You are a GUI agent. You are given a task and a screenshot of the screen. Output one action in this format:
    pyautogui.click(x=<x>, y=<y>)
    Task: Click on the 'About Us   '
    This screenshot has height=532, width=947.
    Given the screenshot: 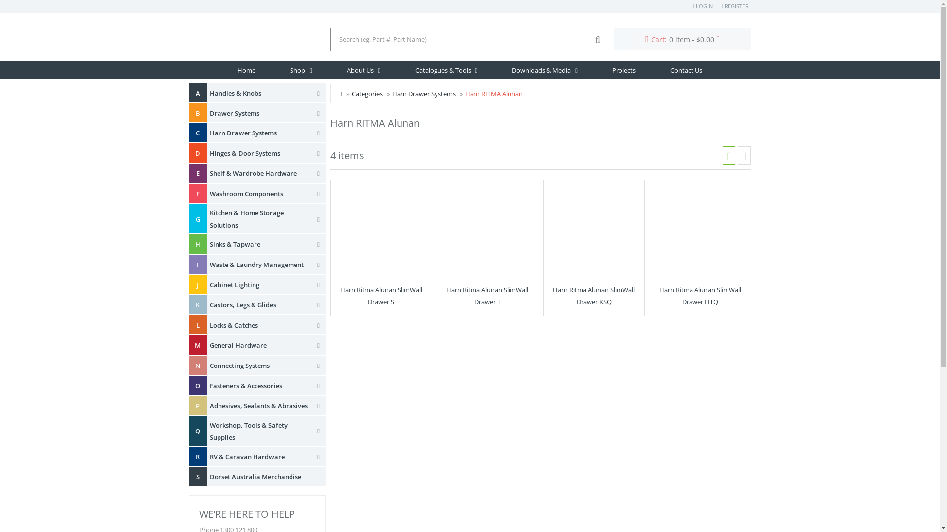 What is the action you would take?
    pyautogui.click(x=363, y=69)
    